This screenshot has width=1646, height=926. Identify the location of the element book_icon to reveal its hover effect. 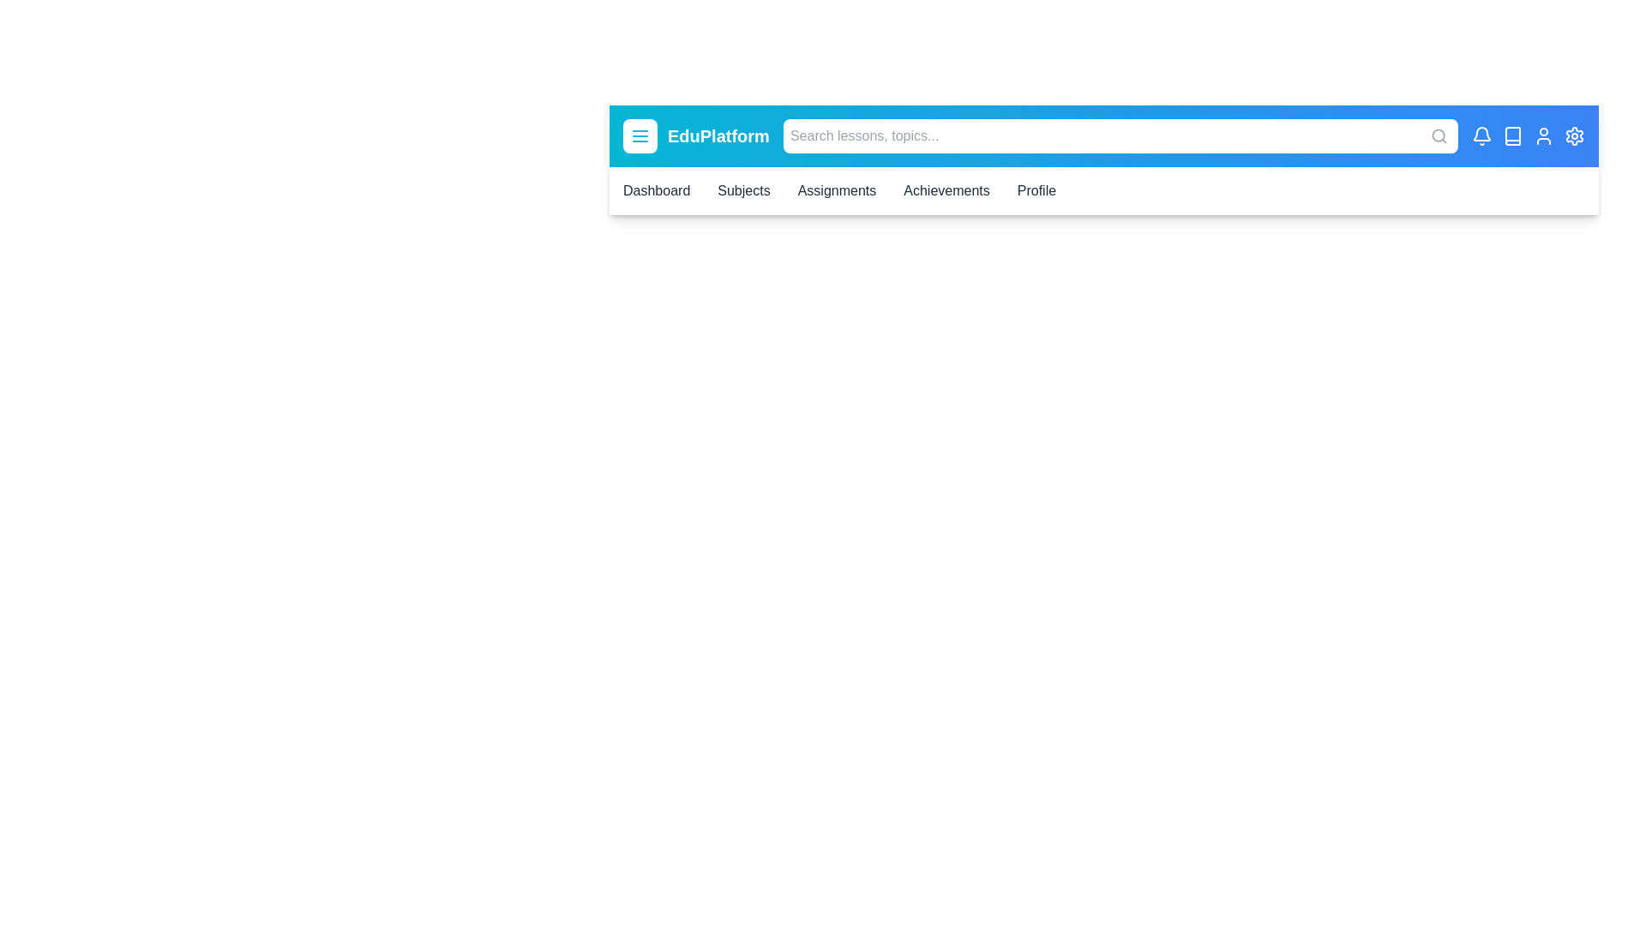
(1513, 135).